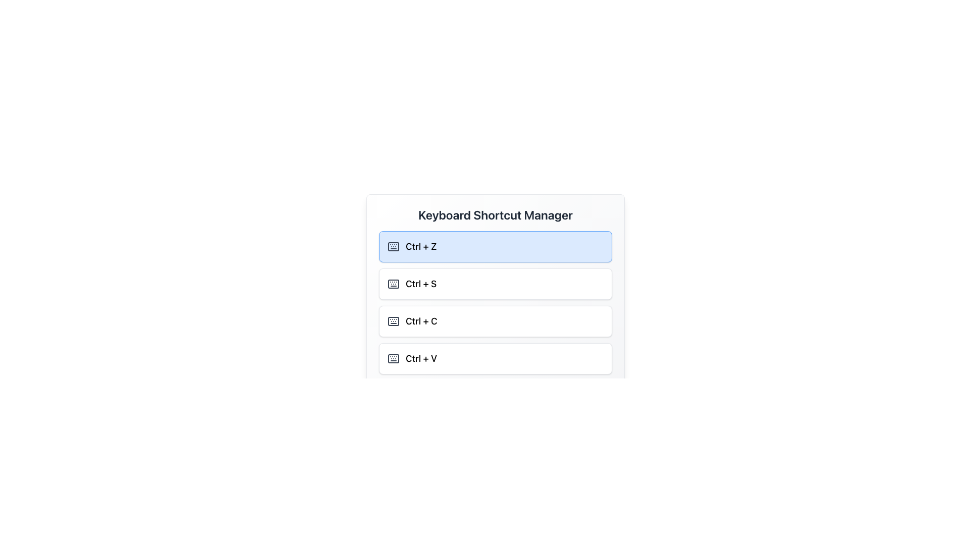 The image size is (969, 545). I want to click on the text label indicating the keyboard shortcut 'Ctrl + V' located in the 'Keyboard Shortcut Manager' section, below 'Ctrl + C', so click(421, 358).